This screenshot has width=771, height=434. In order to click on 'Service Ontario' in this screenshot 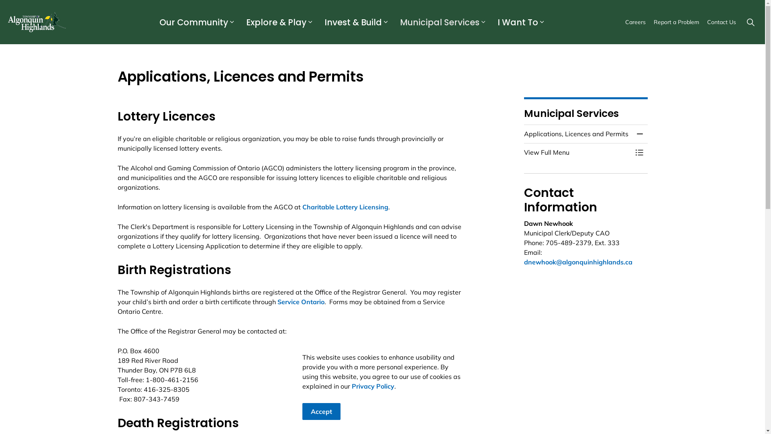, I will do `click(277, 302)`.